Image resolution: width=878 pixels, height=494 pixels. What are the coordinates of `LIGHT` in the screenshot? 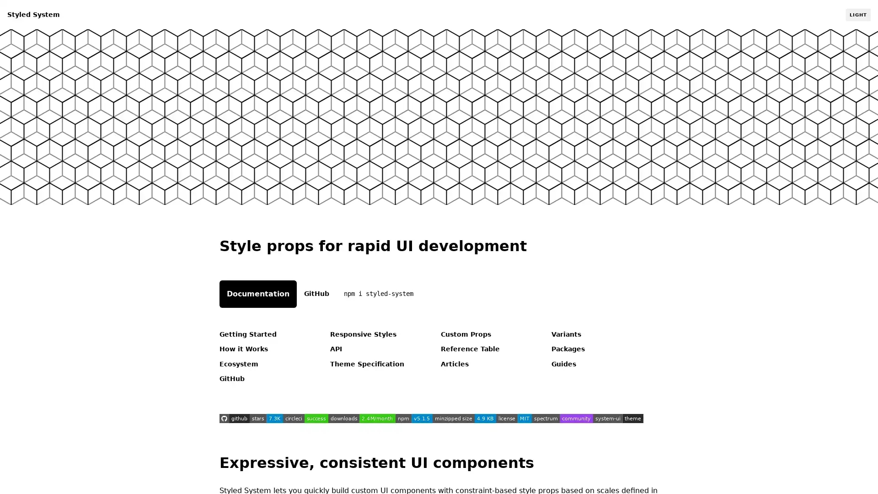 It's located at (857, 14).